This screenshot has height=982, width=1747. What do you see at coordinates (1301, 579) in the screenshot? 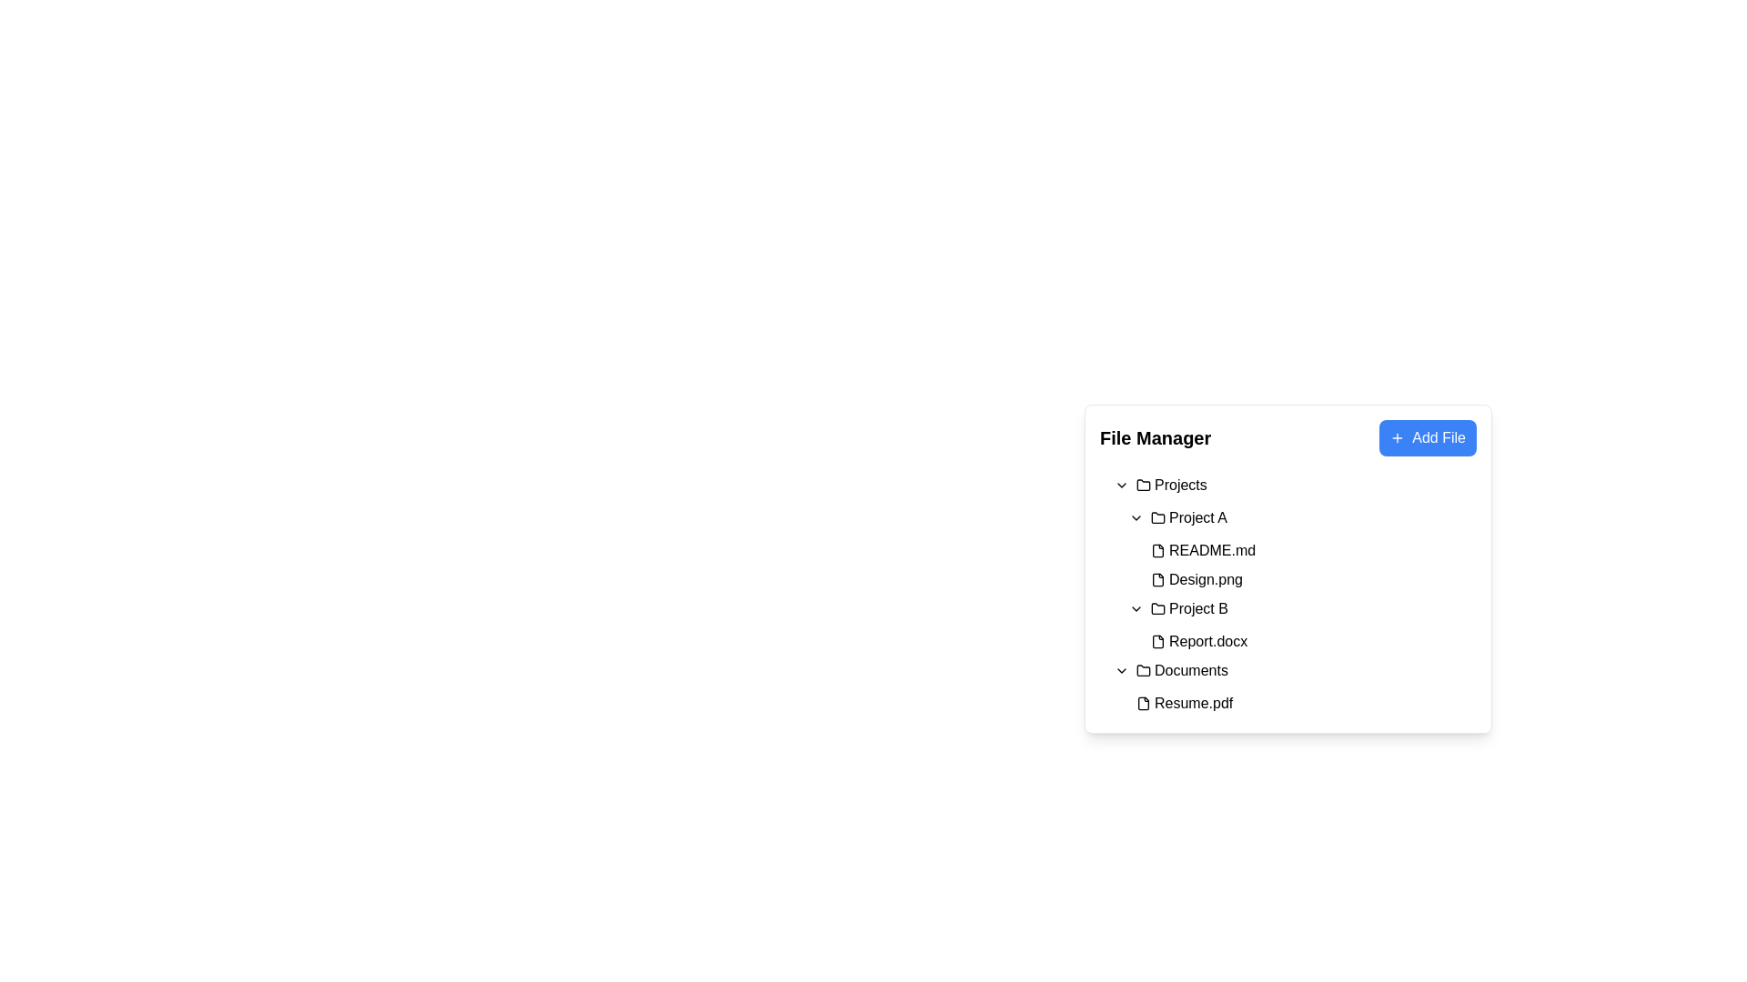
I see `to select the file named 'Design.png' in the file manager interface, which is the second item under 'Project A'` at bounding box center [1301, 579].